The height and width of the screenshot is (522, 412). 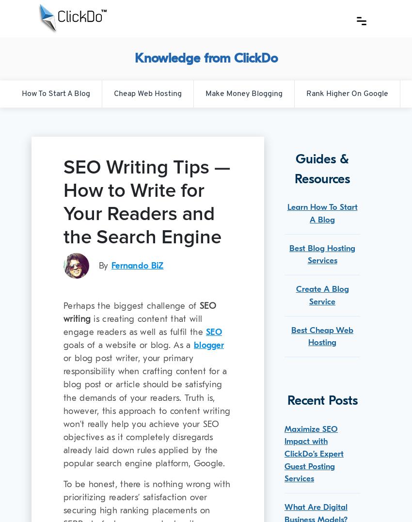 I want to click on 'Knowledge from ClickDo', so click(x=206, y=58).